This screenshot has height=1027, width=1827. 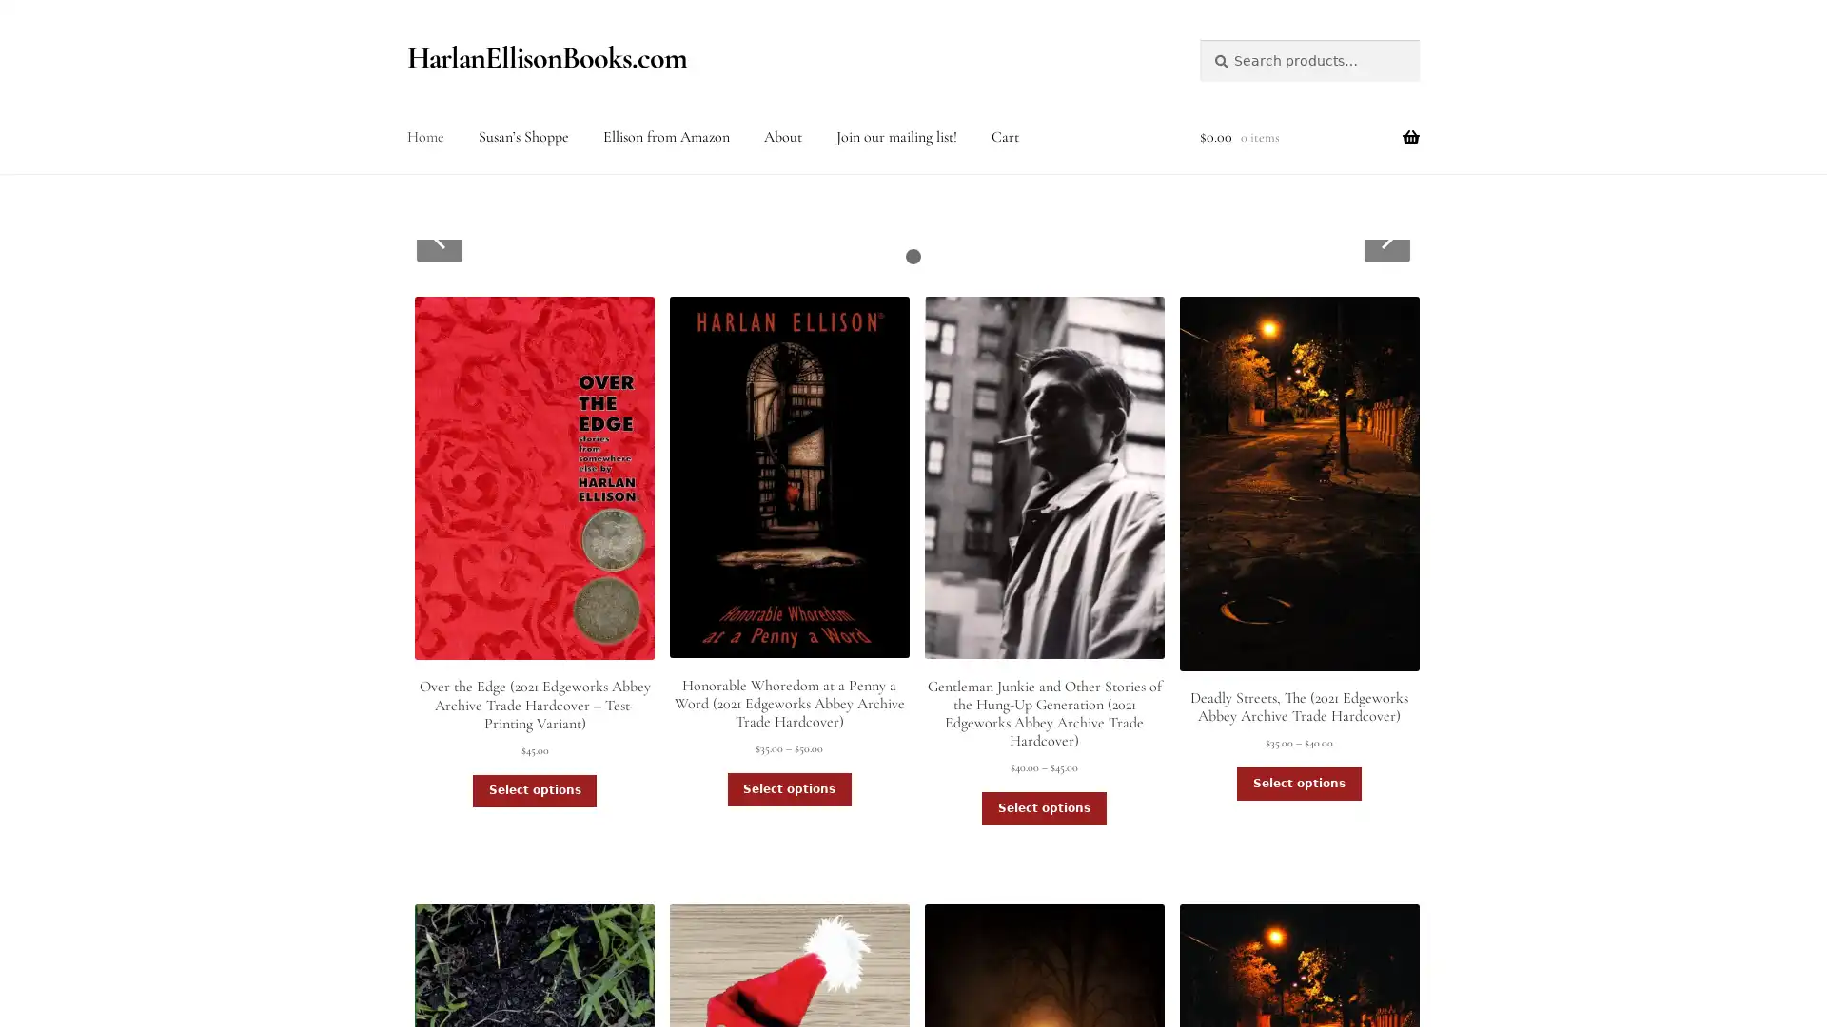 I want to click on Go to slide 1, so click(x=913, y=257).